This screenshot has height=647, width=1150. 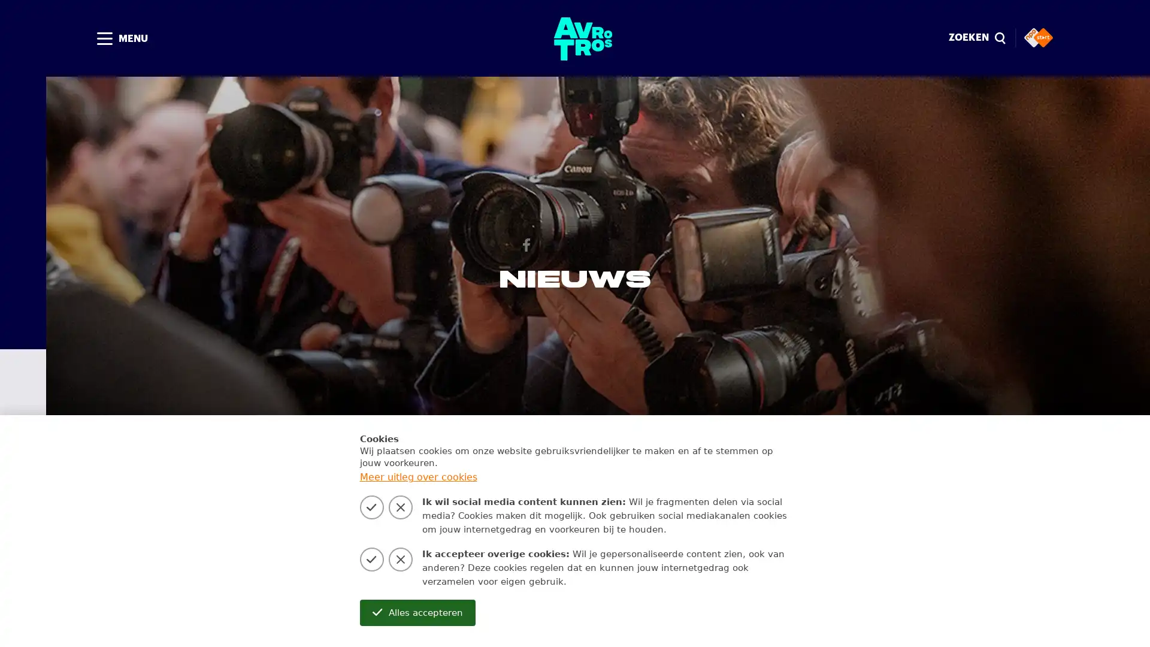 I want to click on MENU, so click(x=121, y=38).